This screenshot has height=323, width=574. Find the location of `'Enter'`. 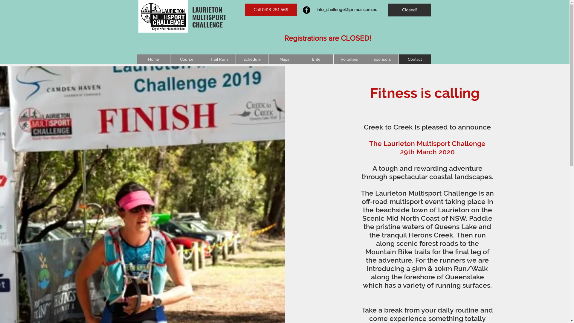

'Enter' is located at coordinates (301, 59).